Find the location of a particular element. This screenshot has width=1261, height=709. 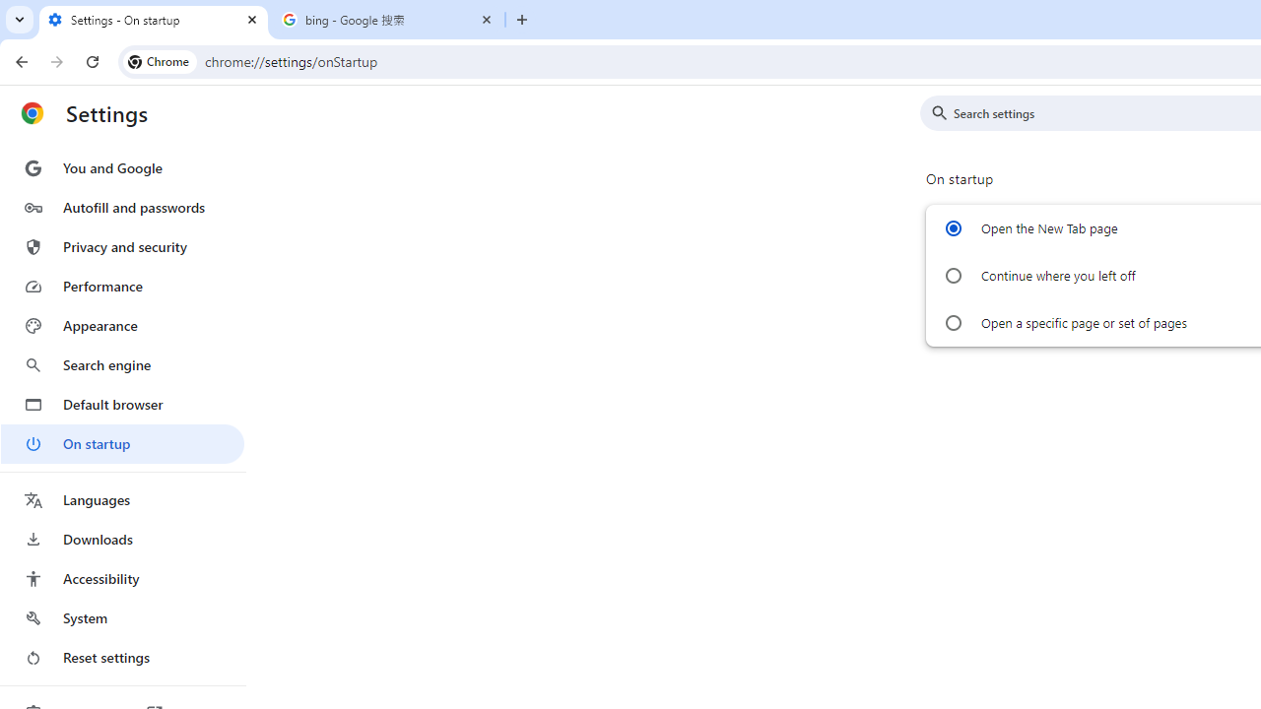

'Appearance' is located at coordinates (121, 325).